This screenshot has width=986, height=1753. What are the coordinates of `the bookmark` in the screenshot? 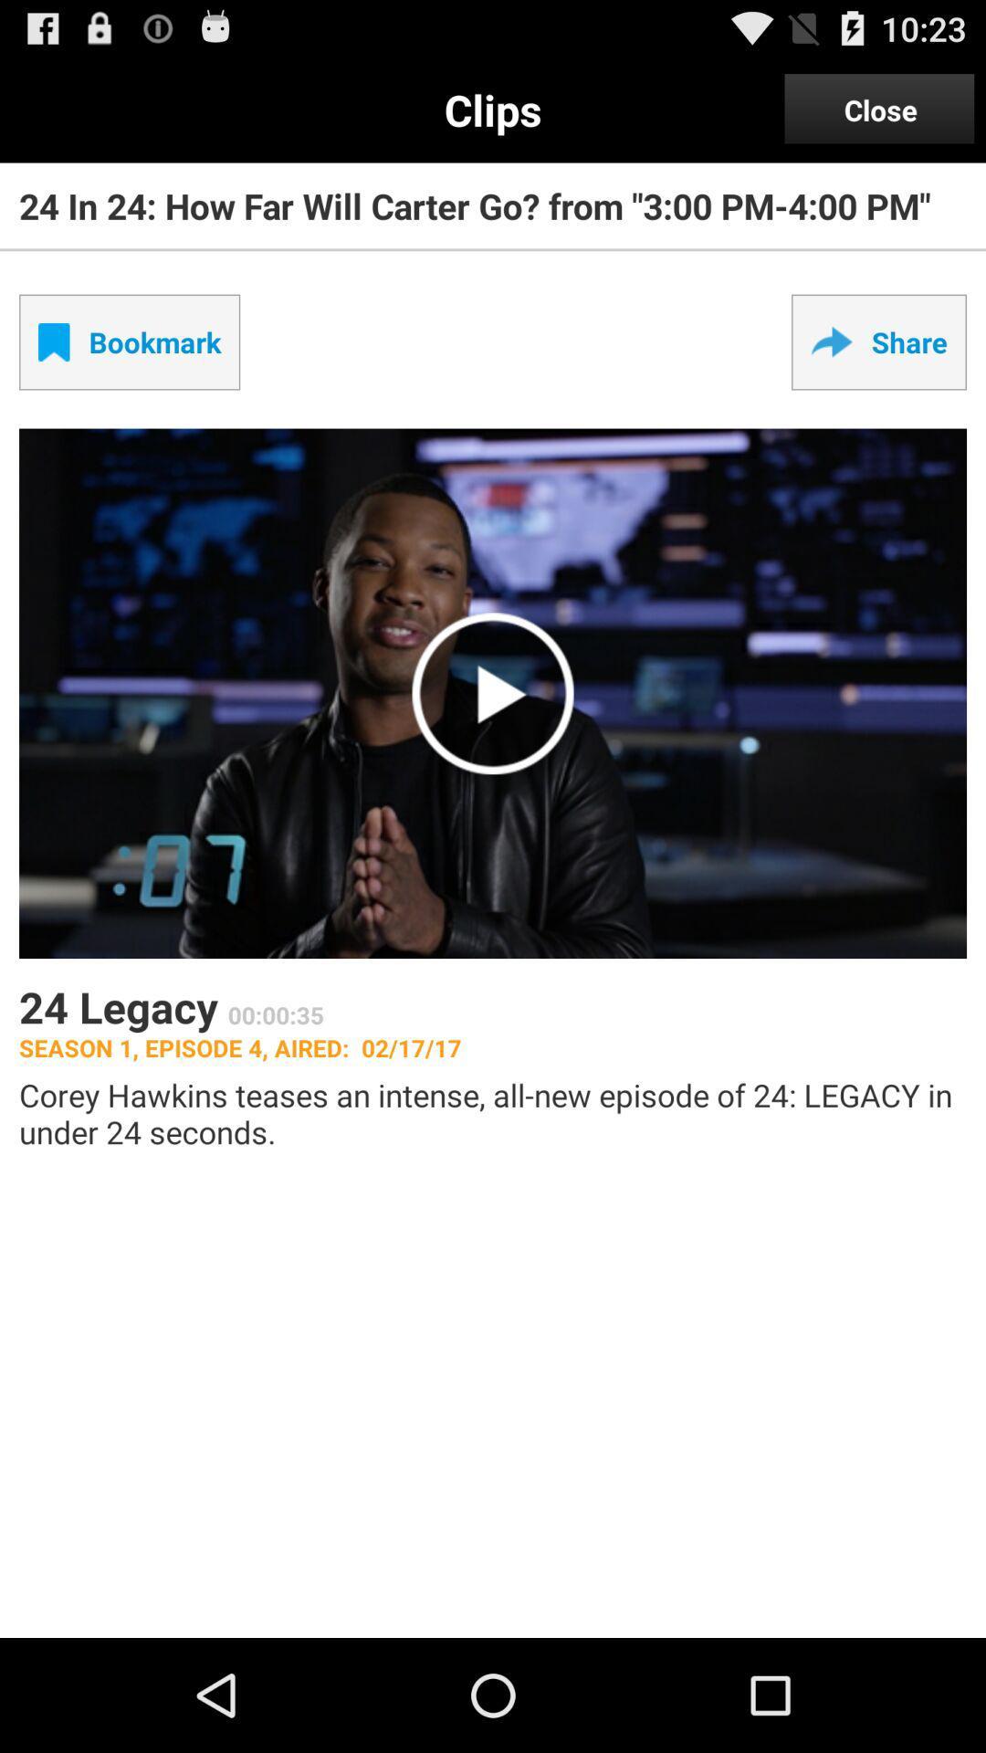 It's located at (129, 341).